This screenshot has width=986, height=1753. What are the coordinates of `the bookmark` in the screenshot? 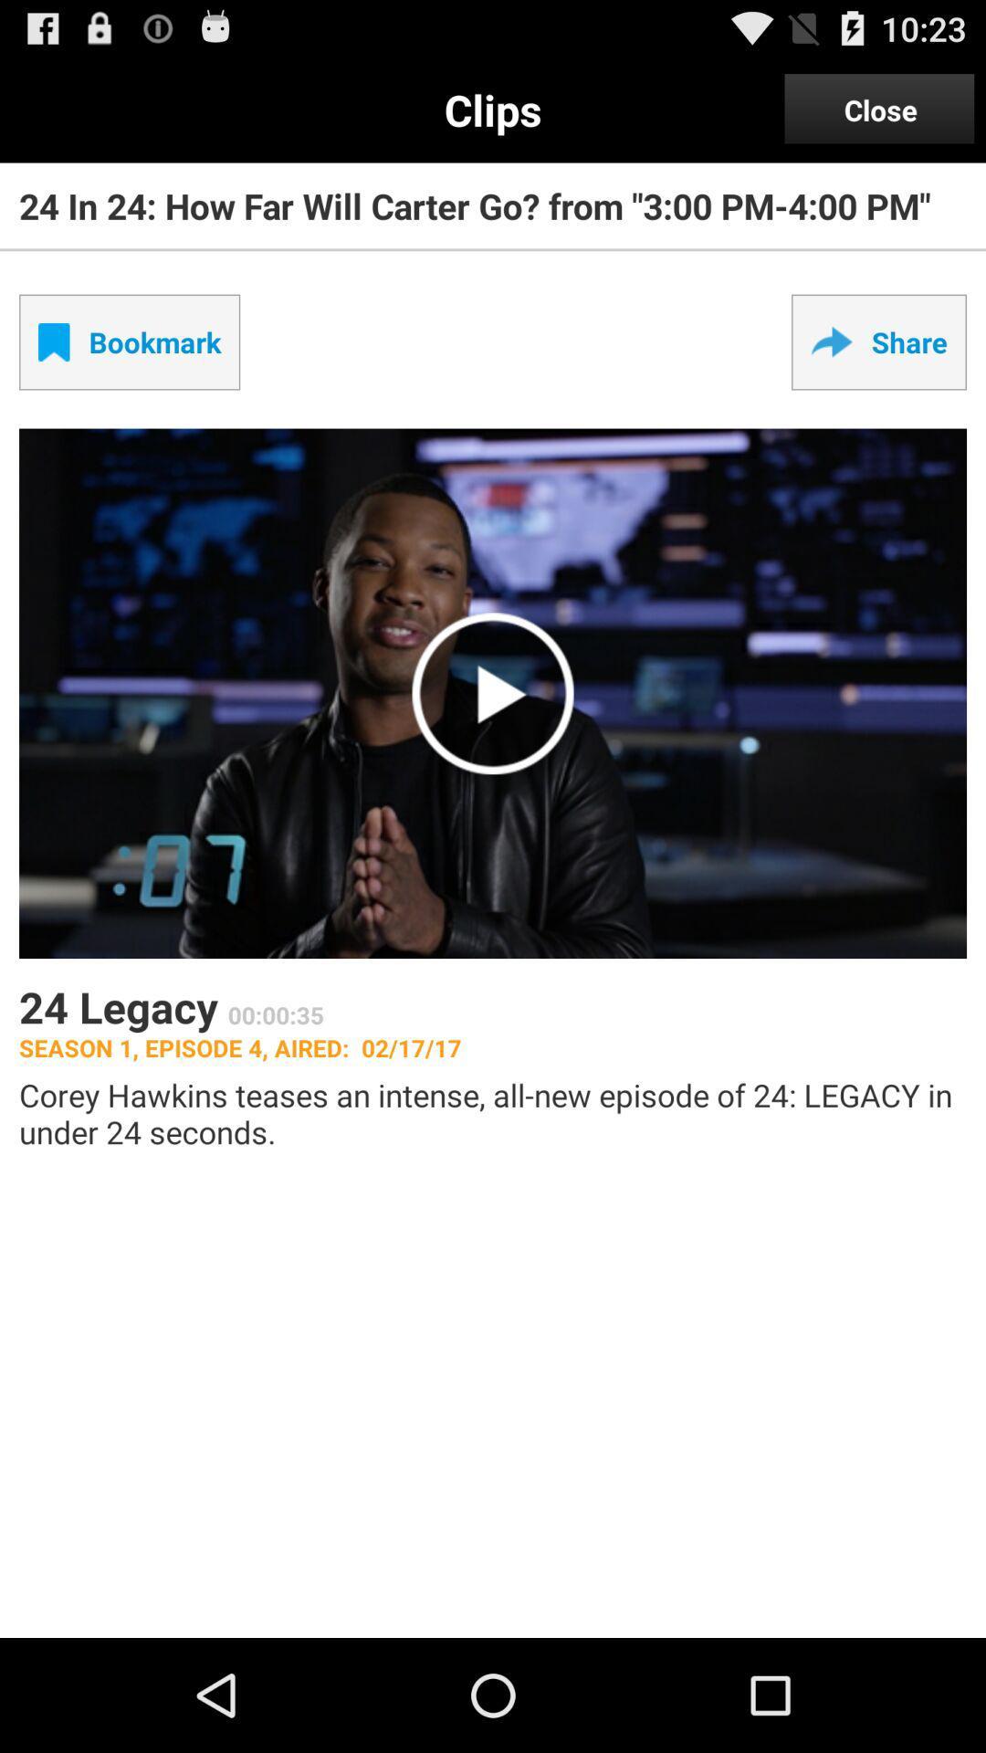 It's located at (129, 341).